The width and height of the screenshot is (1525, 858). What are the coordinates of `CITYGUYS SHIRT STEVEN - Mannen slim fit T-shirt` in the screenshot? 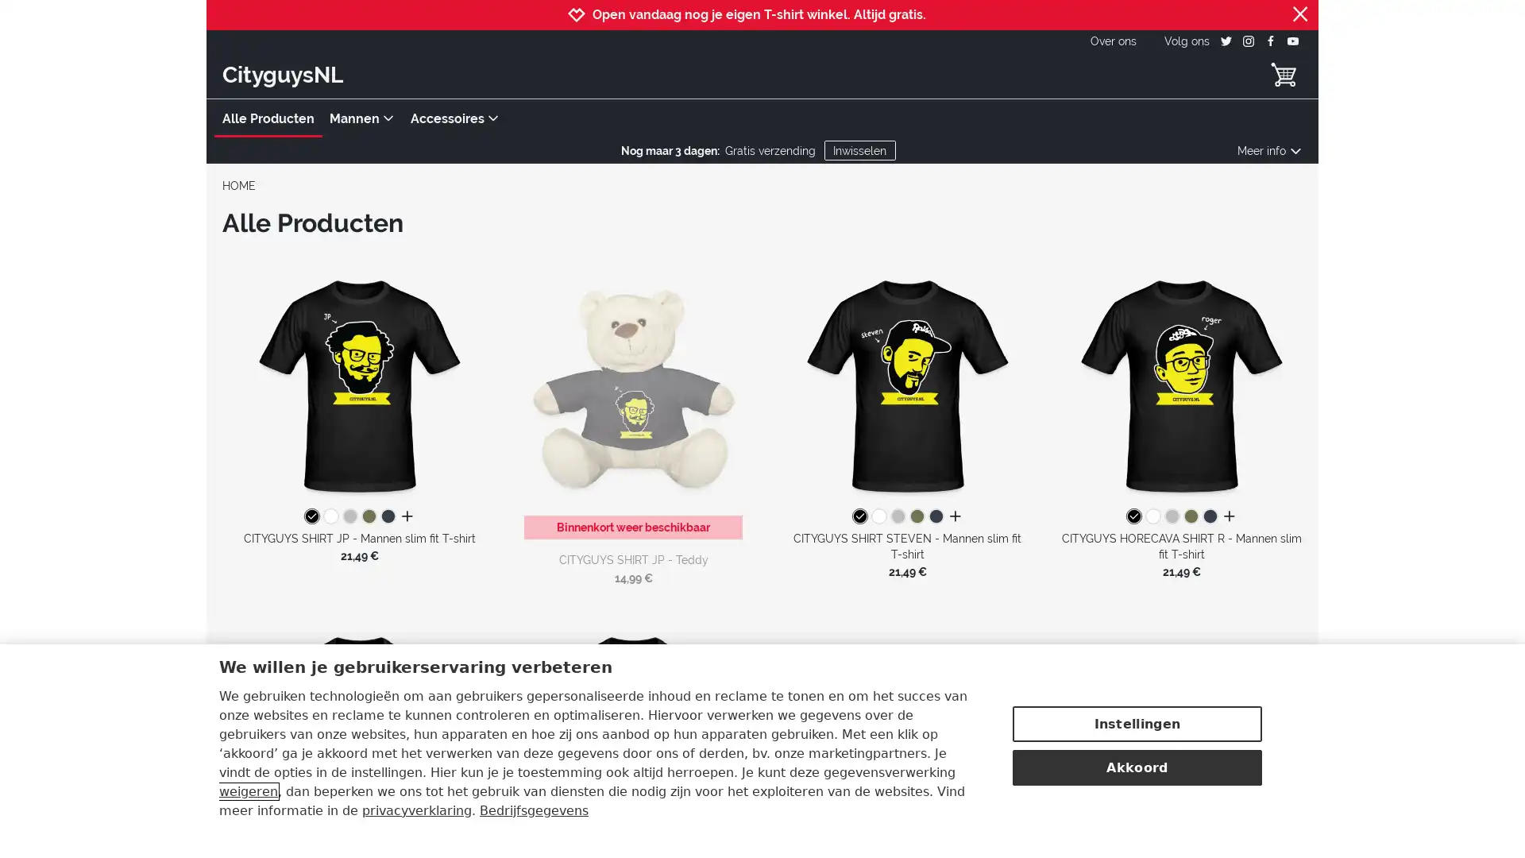 It's located at (907, 383).